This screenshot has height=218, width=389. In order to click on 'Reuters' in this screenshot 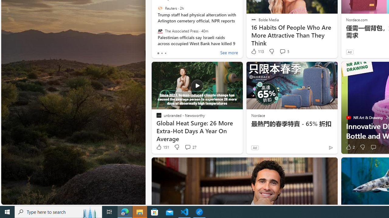, I will do `click(160, 8)`.